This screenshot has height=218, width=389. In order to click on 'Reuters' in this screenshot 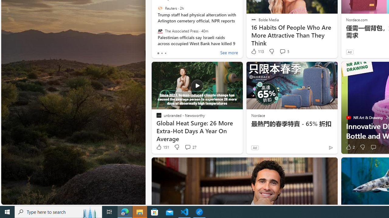, I will do `click(160, 8)`.